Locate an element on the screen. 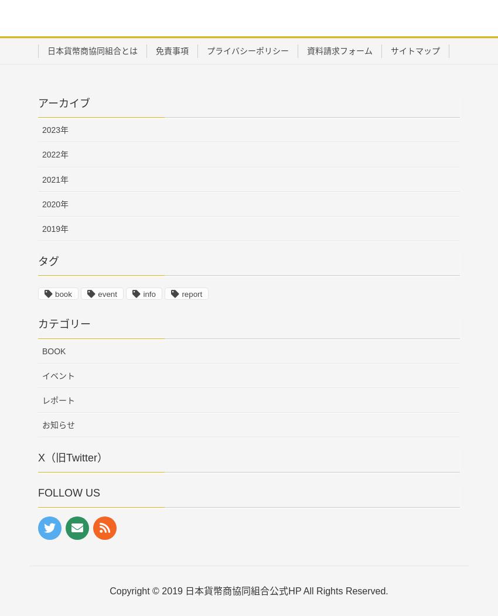 The height and width of the screenshot is (616, 498). '2019年' is located at coordinates (54, 228).